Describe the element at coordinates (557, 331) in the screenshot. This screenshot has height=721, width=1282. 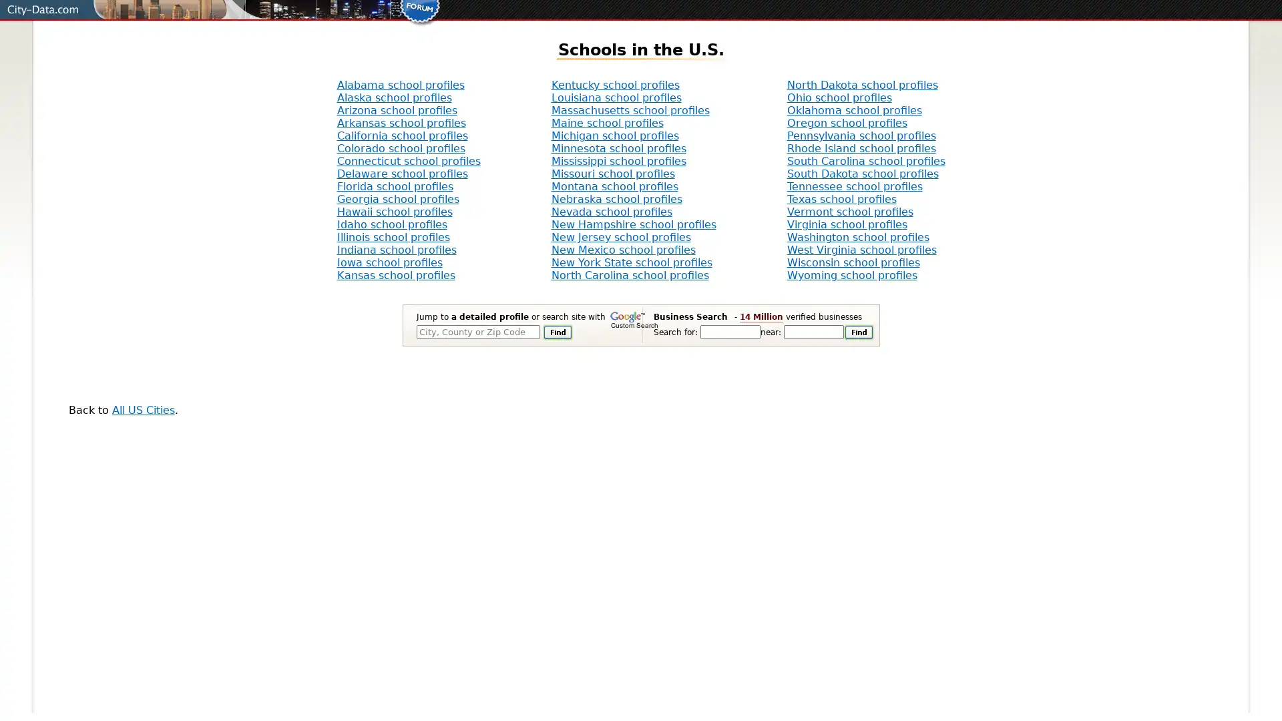
I see `Find It` at that location.